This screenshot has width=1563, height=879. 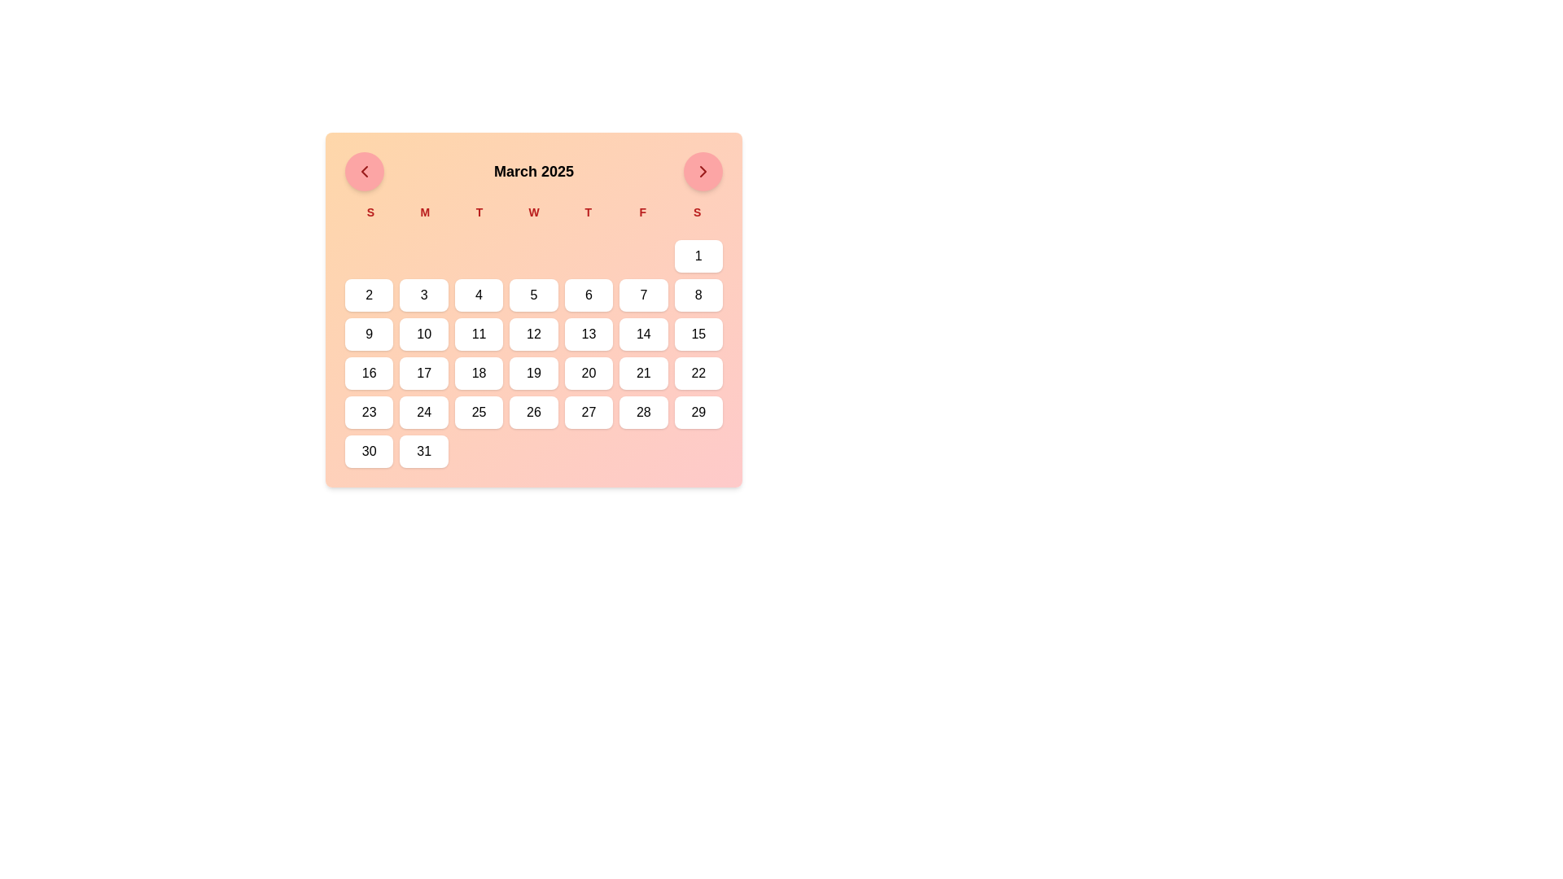 What do you see at coordinates (424, 295) in the screenshot?
I see `the white rectangular button with rounded corners containing the number '3' in bold black font` at bounding box center [424, 295].